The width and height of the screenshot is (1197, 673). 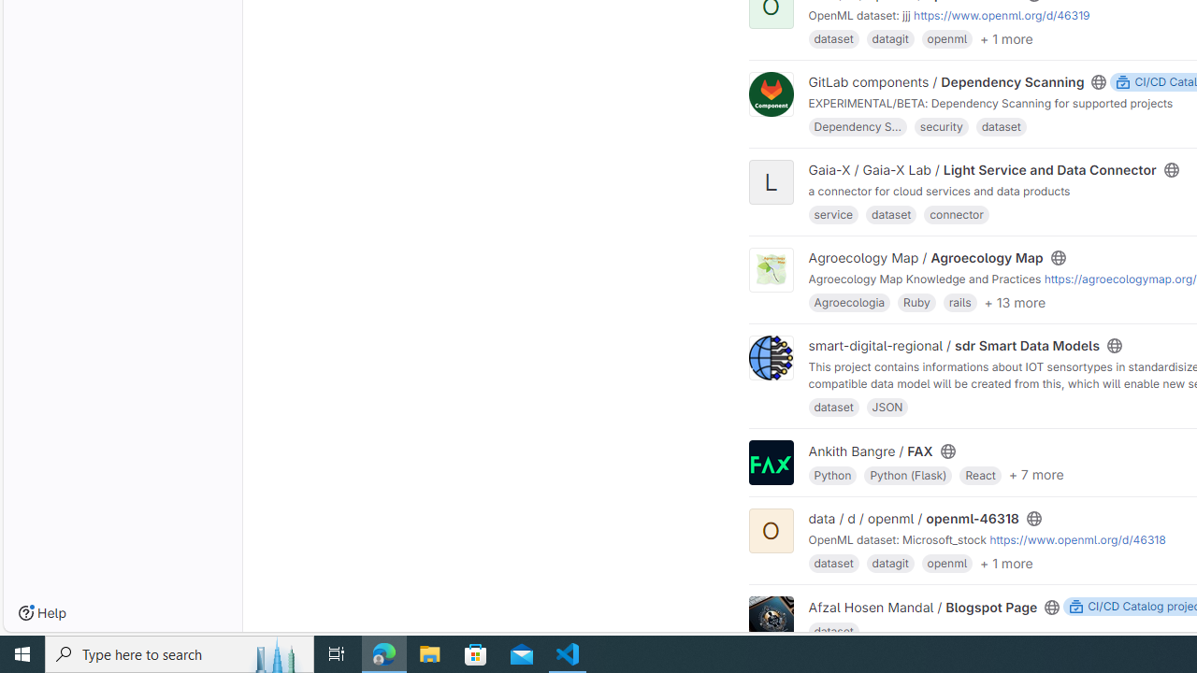 I want to click on 'Python (Flask)', so click(x=908, y=473).